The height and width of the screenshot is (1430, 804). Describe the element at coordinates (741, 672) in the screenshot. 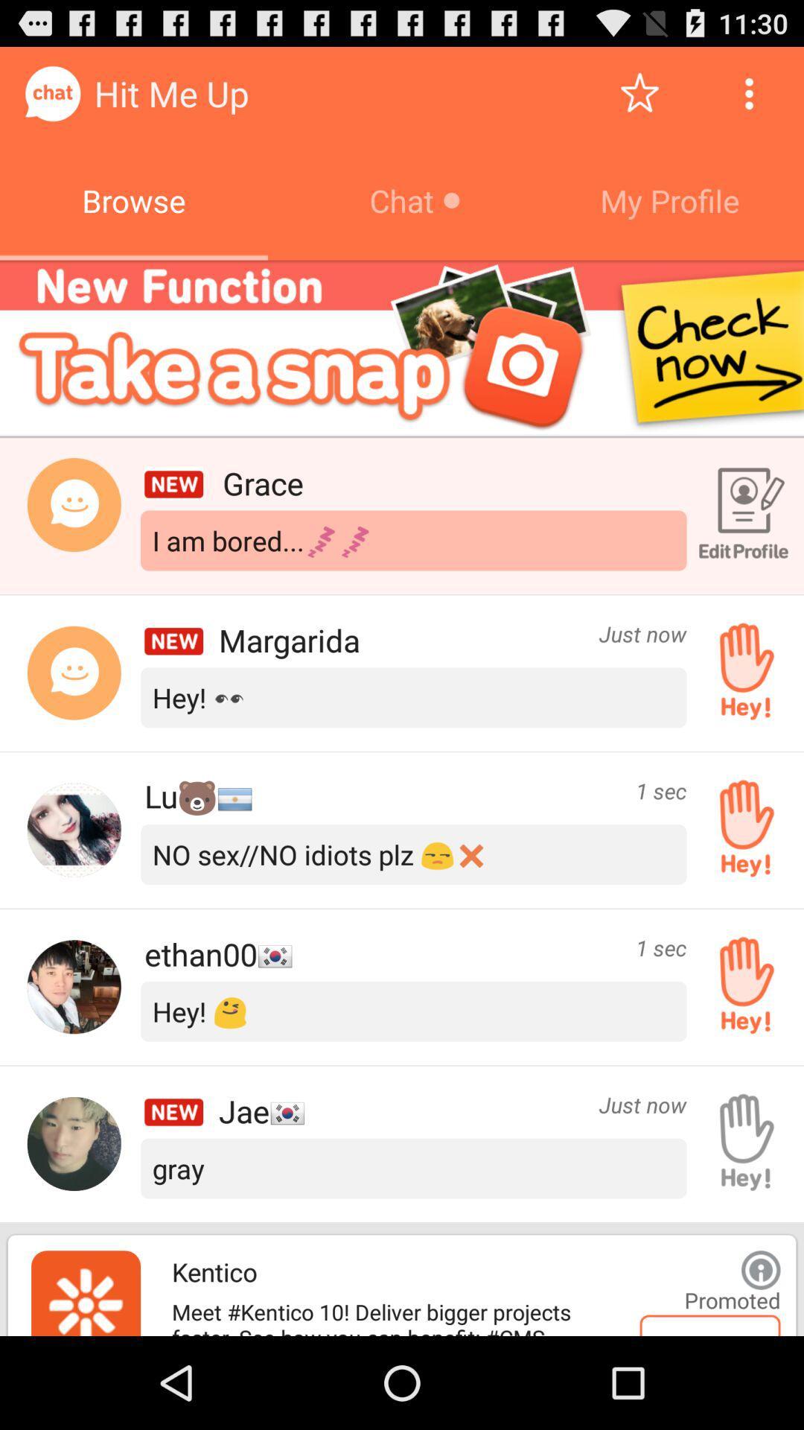

I see `say hey to the person` at that location.